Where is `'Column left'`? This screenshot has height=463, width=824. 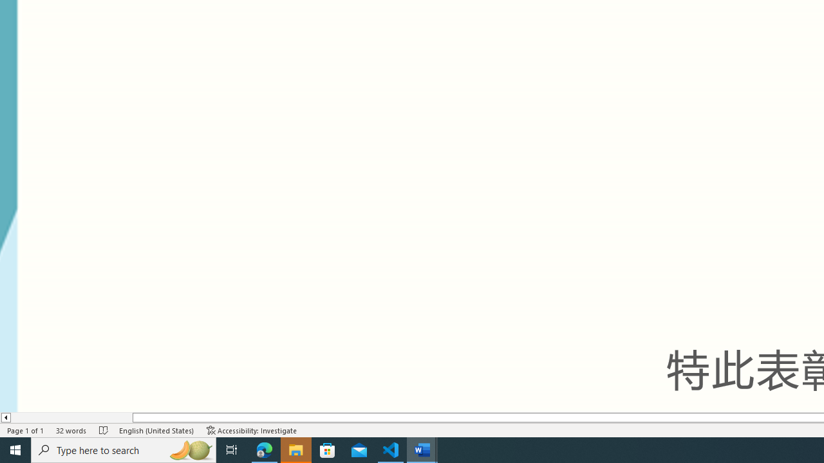 'Column left' is located at coordinates (5, 417).